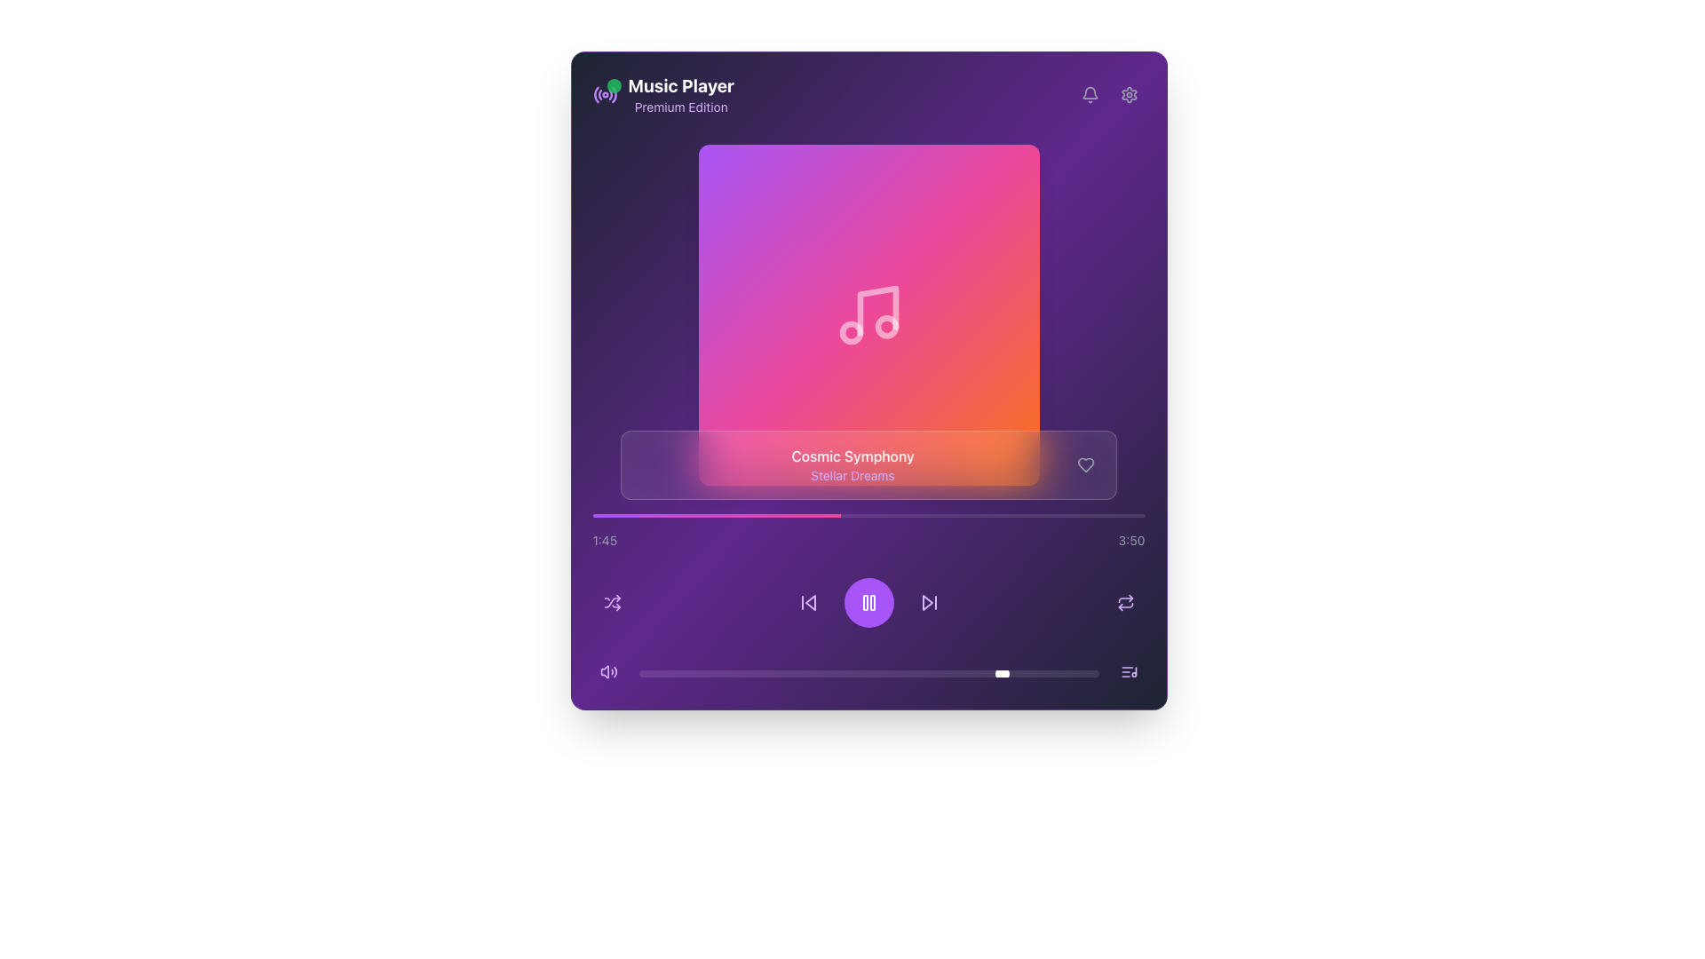 The image size is (1705, 959). I want to click on the decorative portion of the musical note icon represented by the graphic element located within the circular dot on the right side of the note, so click(886, 327).